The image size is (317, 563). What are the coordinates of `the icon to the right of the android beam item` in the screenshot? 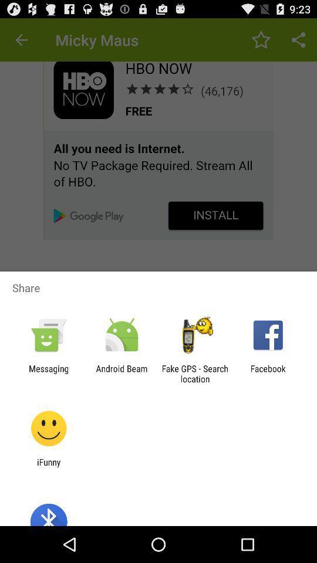 It's located at (195, 373).